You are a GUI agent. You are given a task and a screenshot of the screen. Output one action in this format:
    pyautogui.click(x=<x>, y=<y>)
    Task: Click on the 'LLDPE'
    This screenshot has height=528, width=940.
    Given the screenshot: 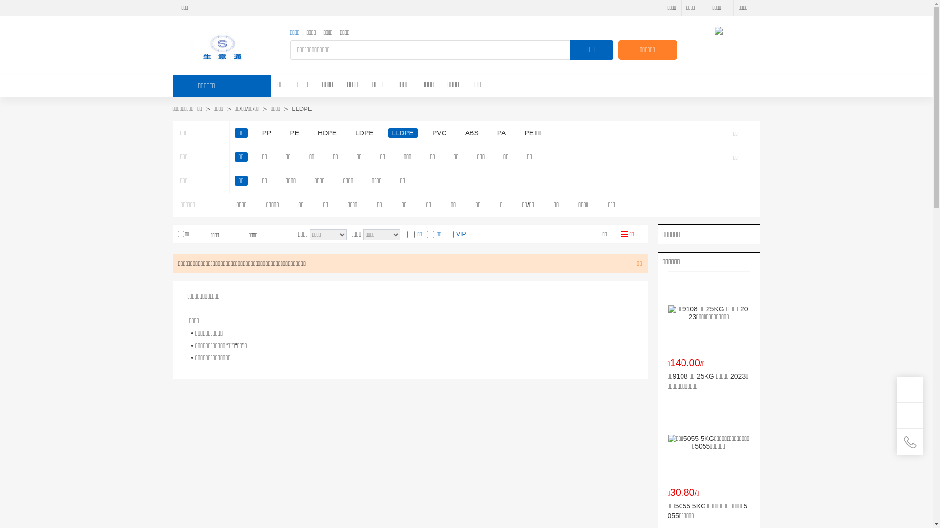 What is the action you would take?
    pyautogui.click(x=402, y=133)
    